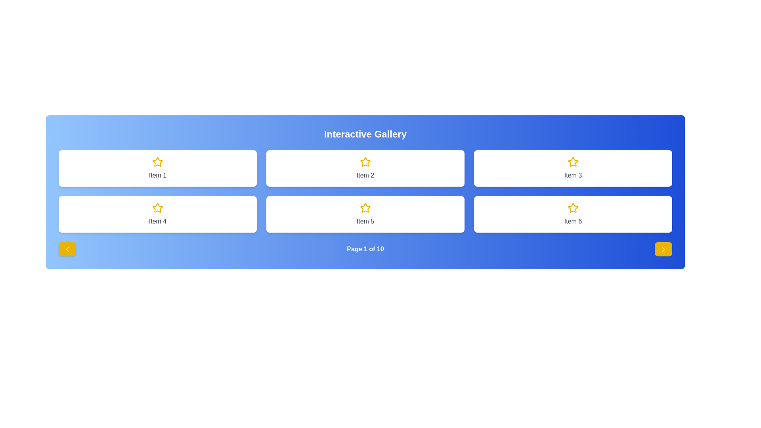 Image resolution: width=761 pixels, height=428 pixels. I want to click on the interactive star icon located at the top-center of the 'Item 6' card to rate it, so click(573, 207).